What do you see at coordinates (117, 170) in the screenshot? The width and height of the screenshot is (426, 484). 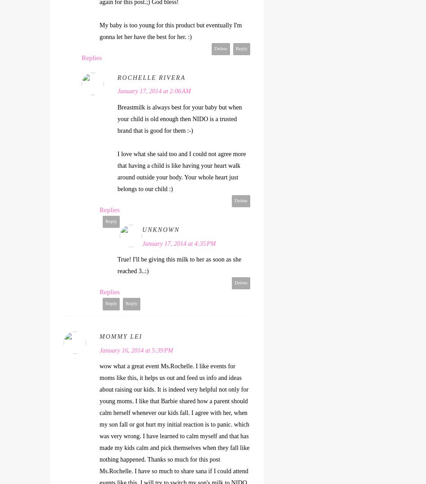 I see `'I love what she said too and I could not agree more that having a child is like having your heart walk around outside your body. Your whole heart just belongs to our child :)'` at bounding box center [117, 170].